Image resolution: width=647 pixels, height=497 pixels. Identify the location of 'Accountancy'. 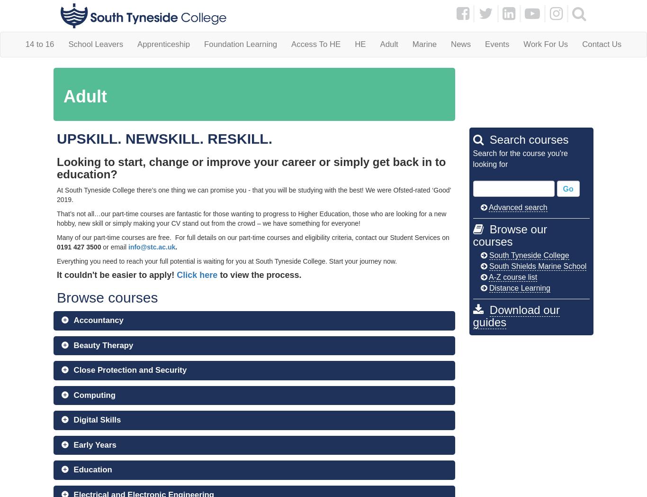
(98, 320).